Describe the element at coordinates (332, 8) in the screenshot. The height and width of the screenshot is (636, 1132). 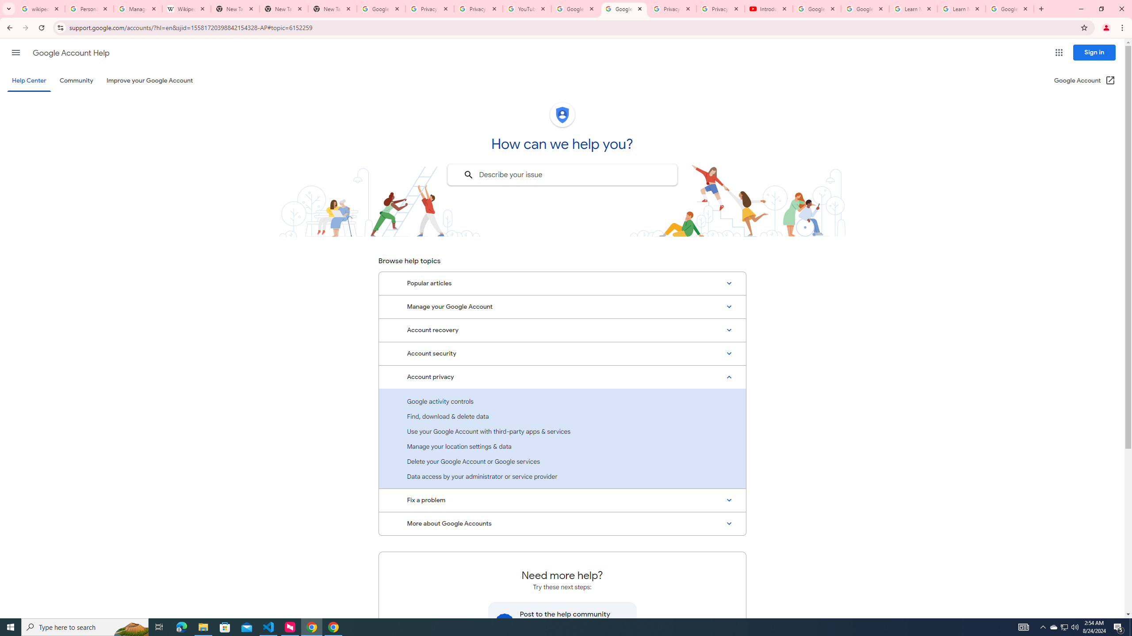
I see `'New Tab'` at that location.